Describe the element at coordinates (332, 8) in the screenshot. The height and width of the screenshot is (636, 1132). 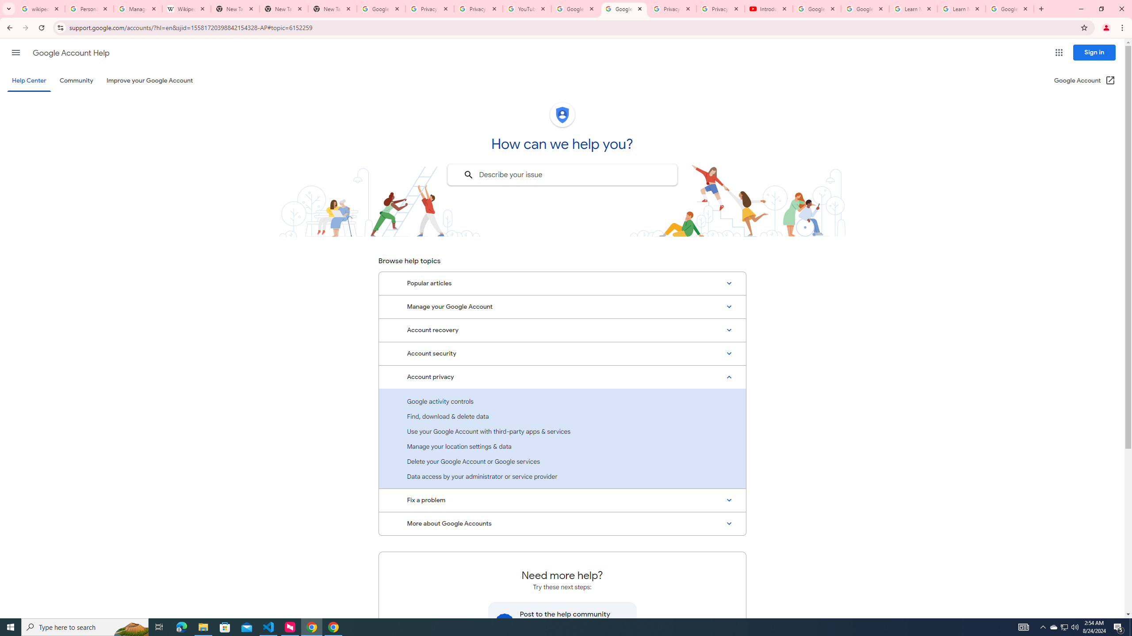
I see `'New Tab'` at that location.